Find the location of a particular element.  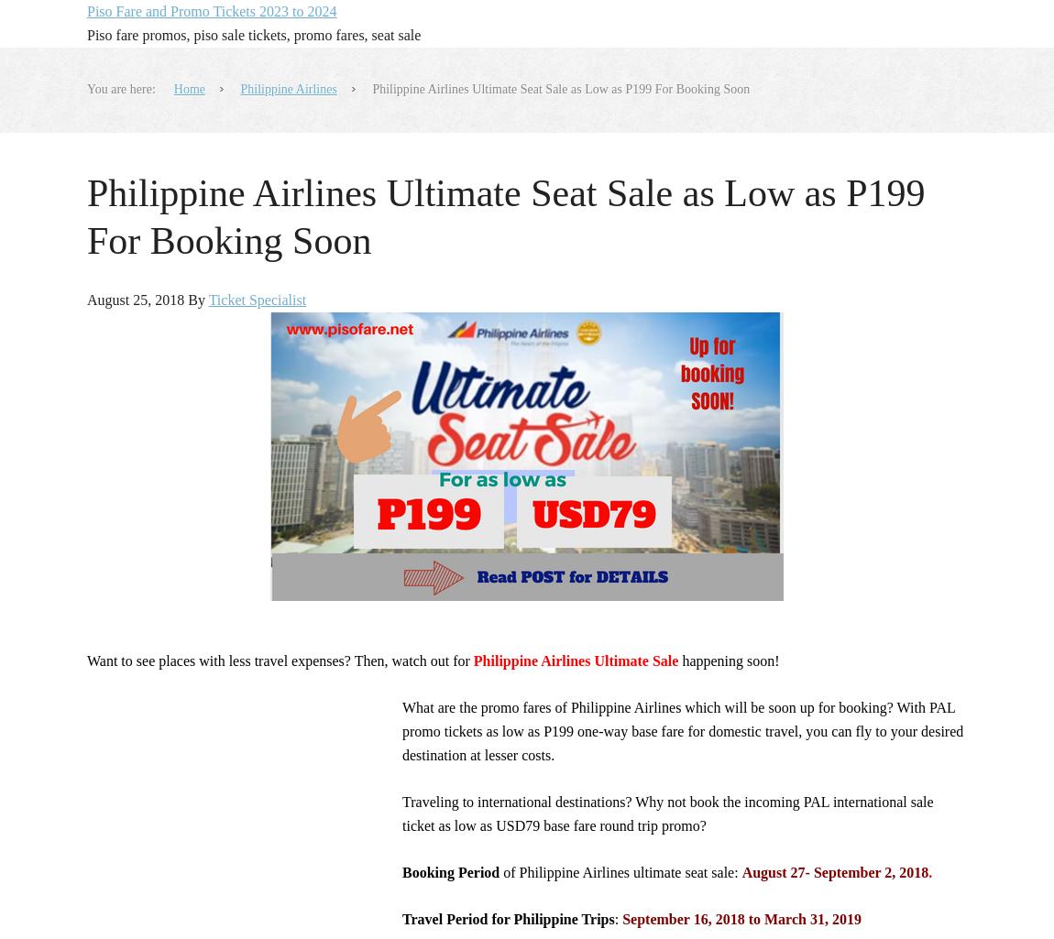

'of Philippine Airlines ultimate seat sale:' is located at coordinates (620, 871).